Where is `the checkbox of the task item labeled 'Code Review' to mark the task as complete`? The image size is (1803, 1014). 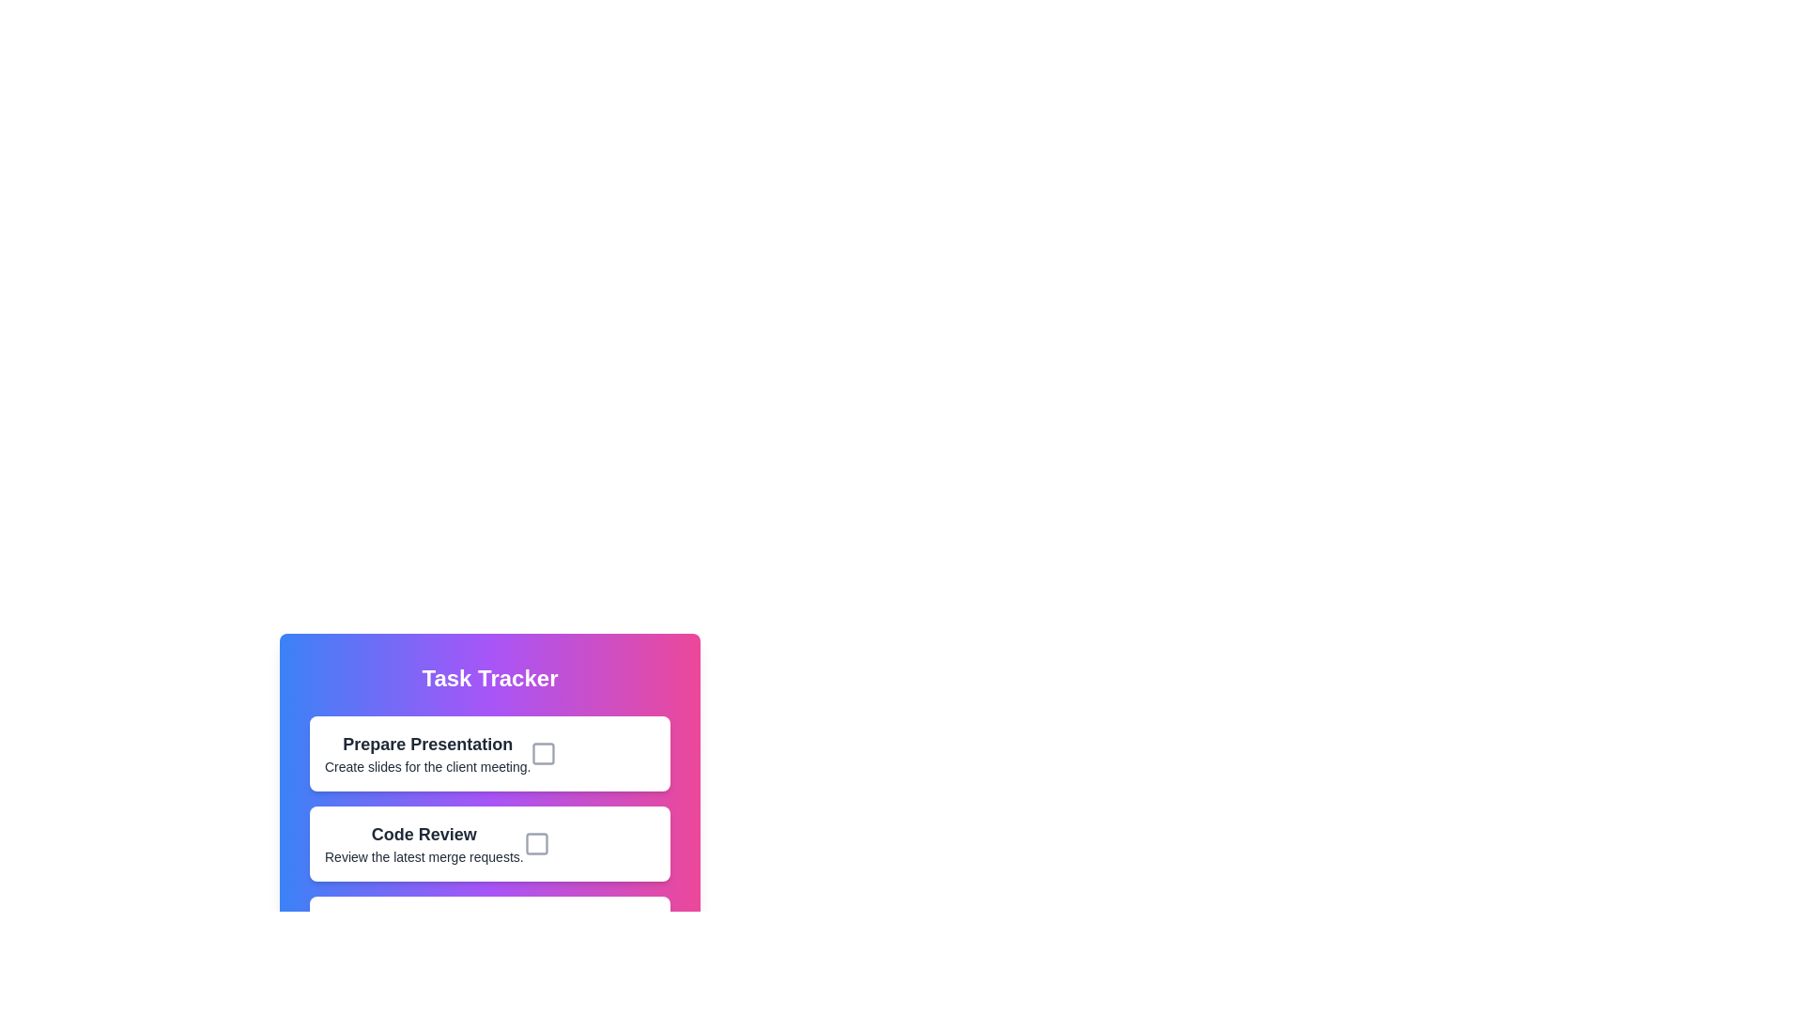 the checkbox of the task item labeled 'Code Review' to mark the task as complete is located at coordinates (490, 842).